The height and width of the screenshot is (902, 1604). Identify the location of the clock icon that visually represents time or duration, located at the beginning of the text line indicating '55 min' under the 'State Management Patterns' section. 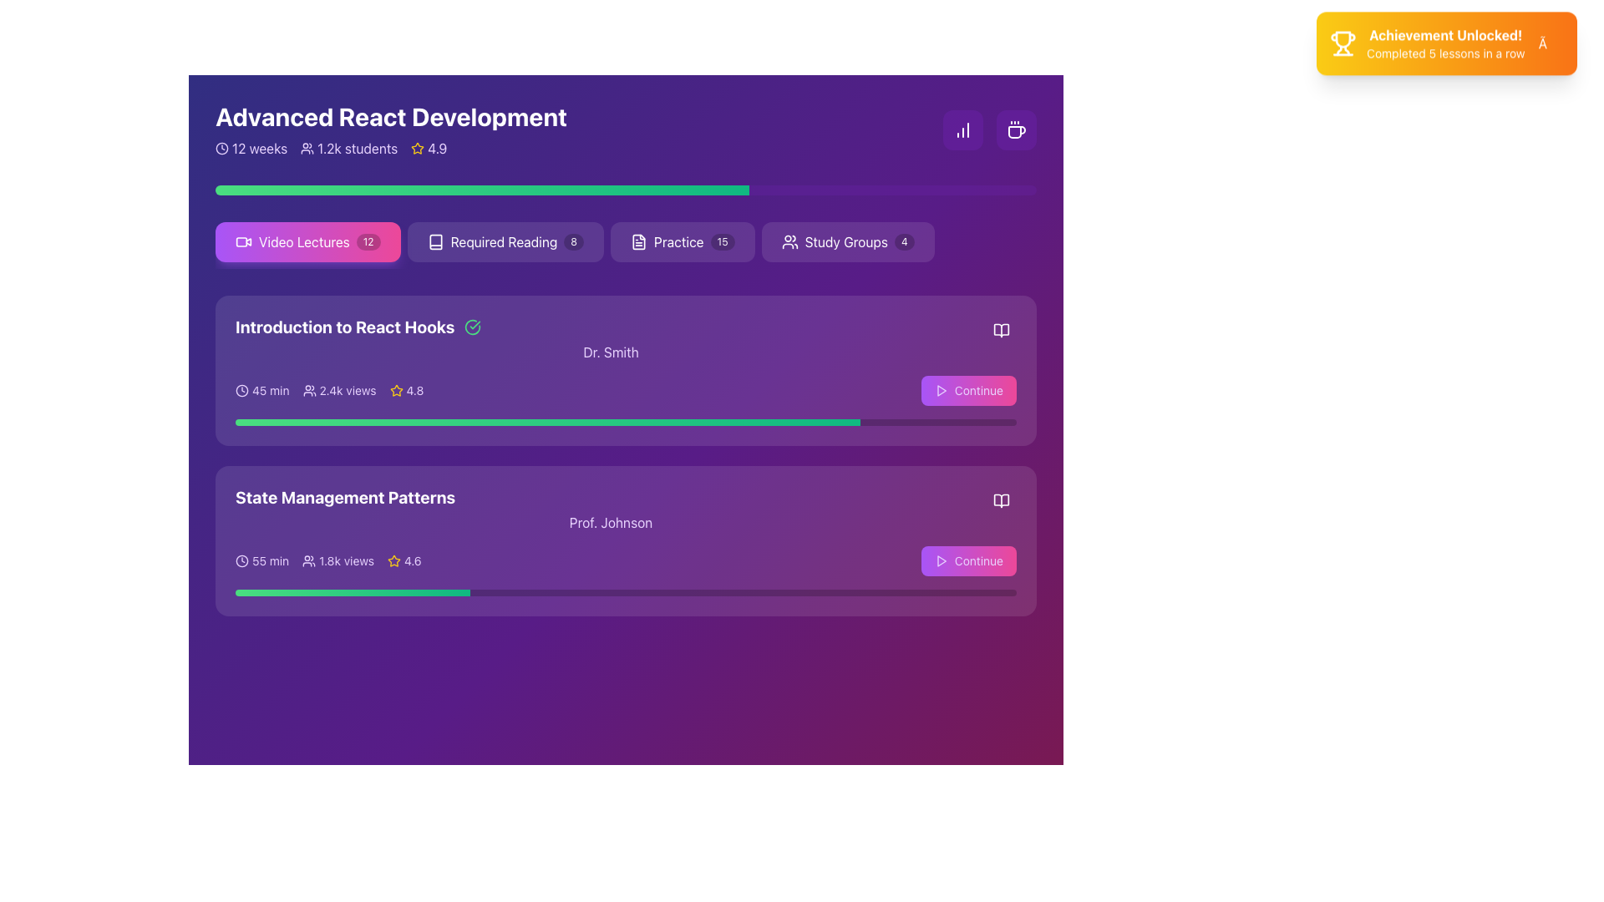
(241, 560).